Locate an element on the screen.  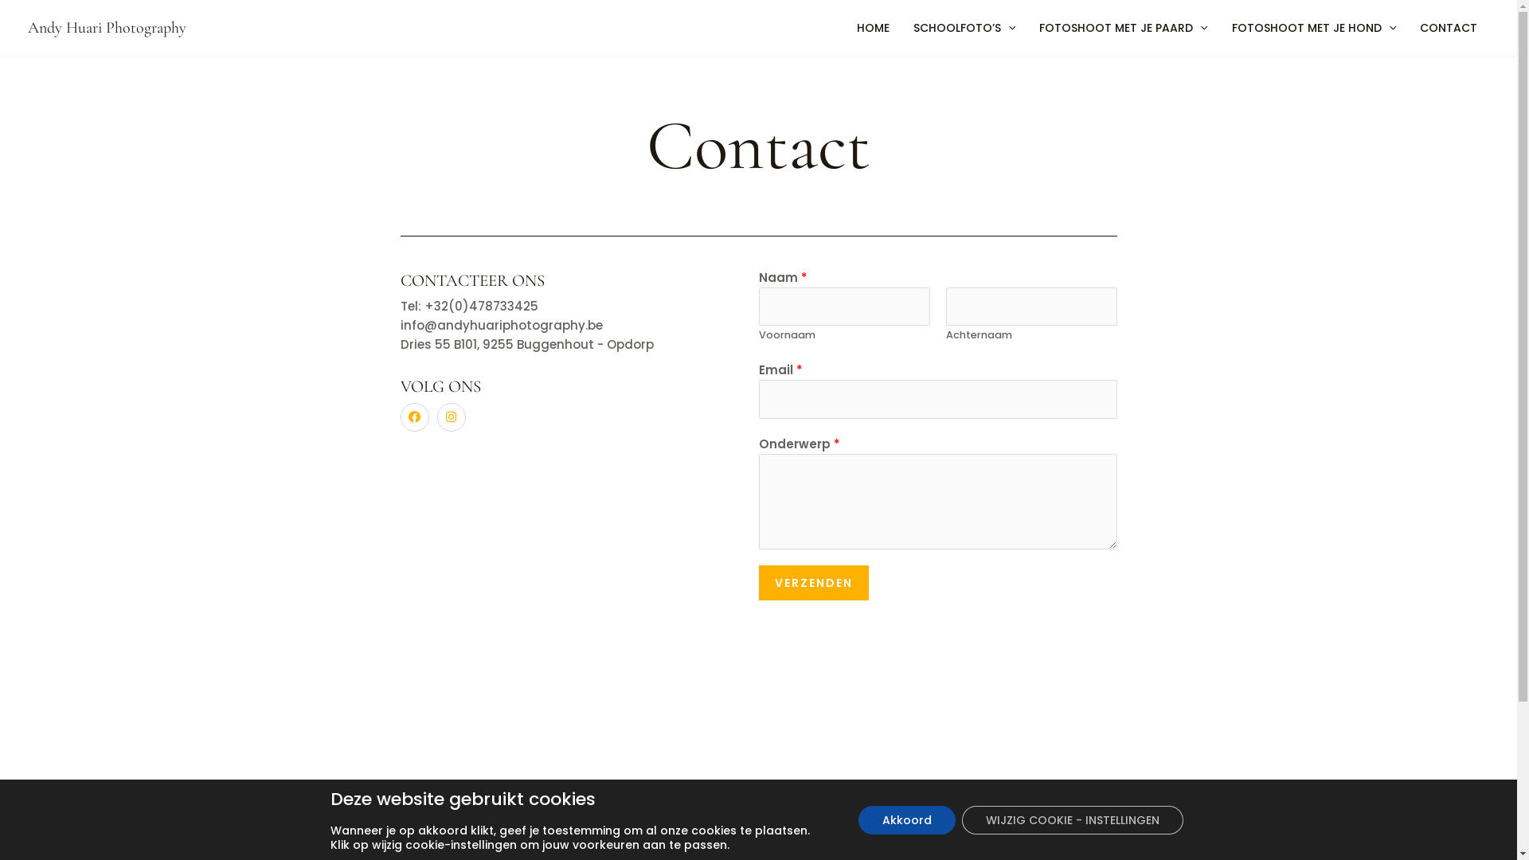
'Andy Huari Photography' is located at coordinates (106, 27).